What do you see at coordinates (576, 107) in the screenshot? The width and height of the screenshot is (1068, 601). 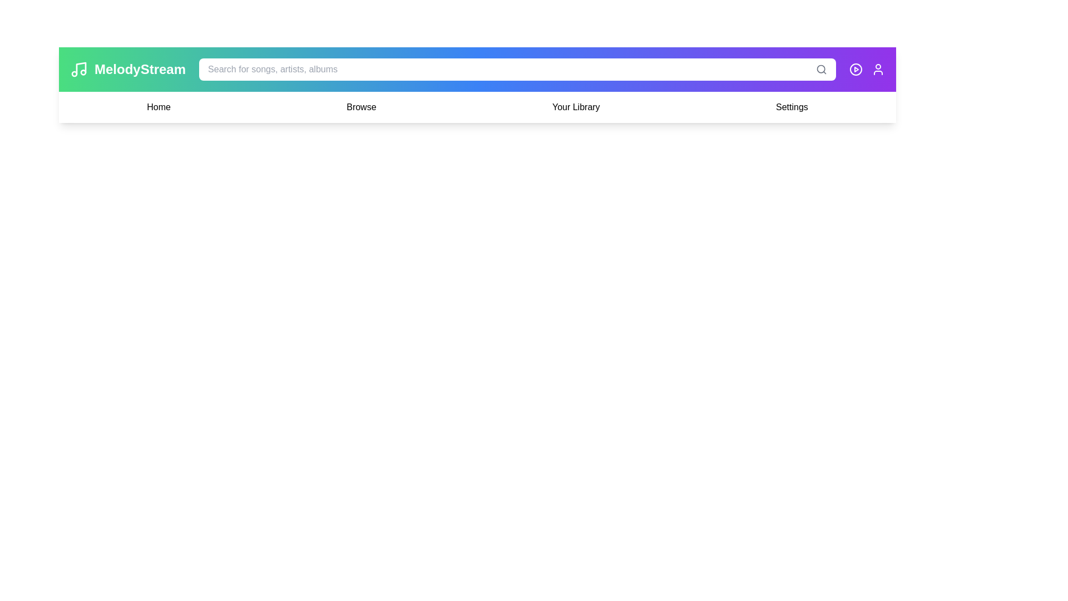 I see `the menu item Your Library from the navigation bar` at bounding box center [576, 107].